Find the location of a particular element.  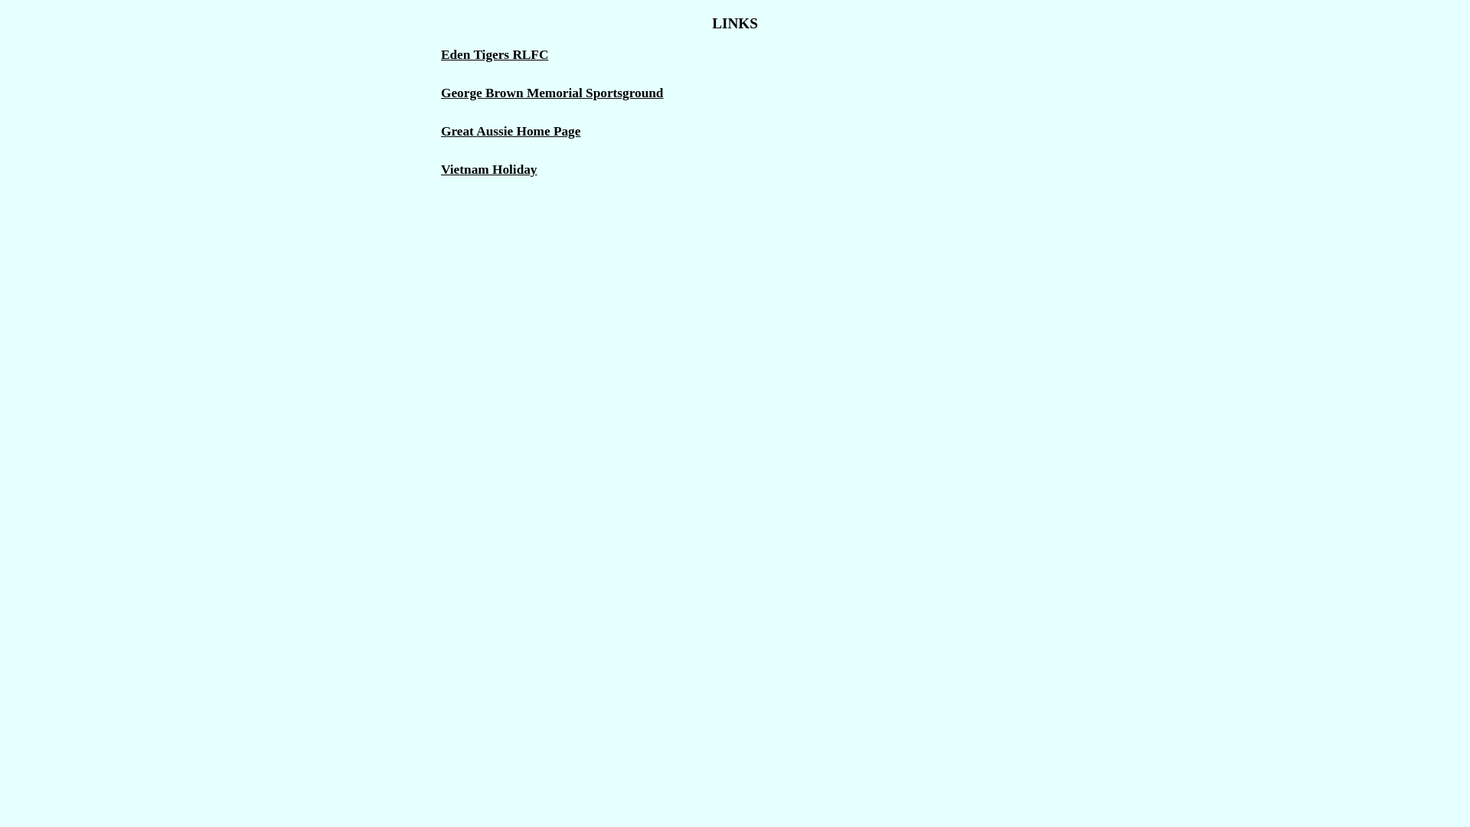

'Great Aussie Home Page' is located at coordinates (511, 130).